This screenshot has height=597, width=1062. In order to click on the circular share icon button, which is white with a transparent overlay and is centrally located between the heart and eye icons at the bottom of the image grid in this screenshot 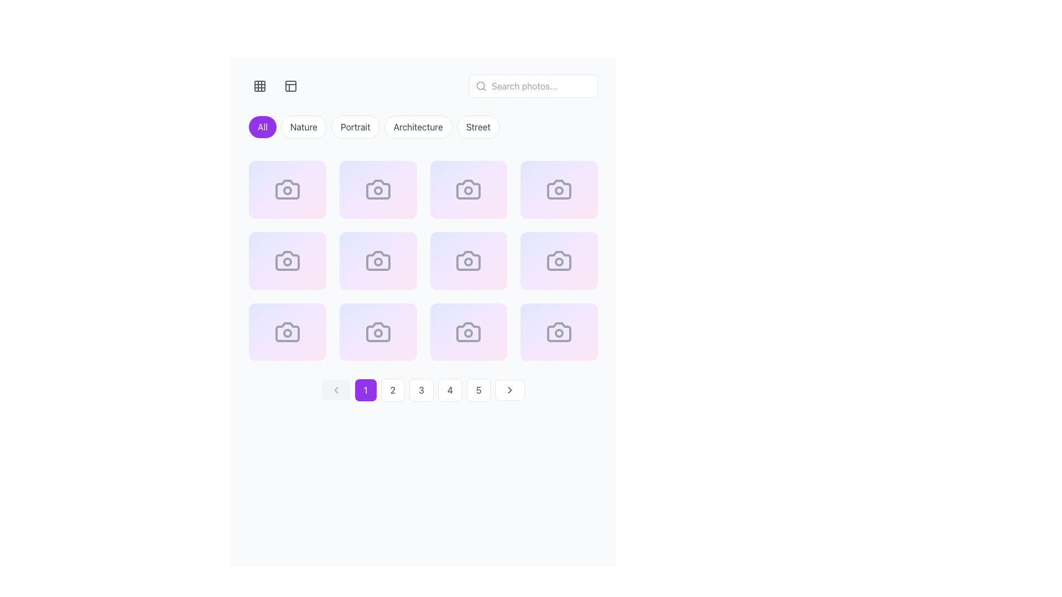, I will do `click(473, 342)`.